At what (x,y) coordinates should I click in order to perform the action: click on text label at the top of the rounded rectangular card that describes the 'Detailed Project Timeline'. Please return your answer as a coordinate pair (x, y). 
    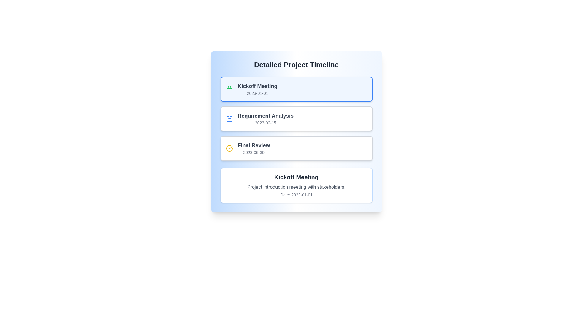
    Looking at the image, I should click on (296, 65).